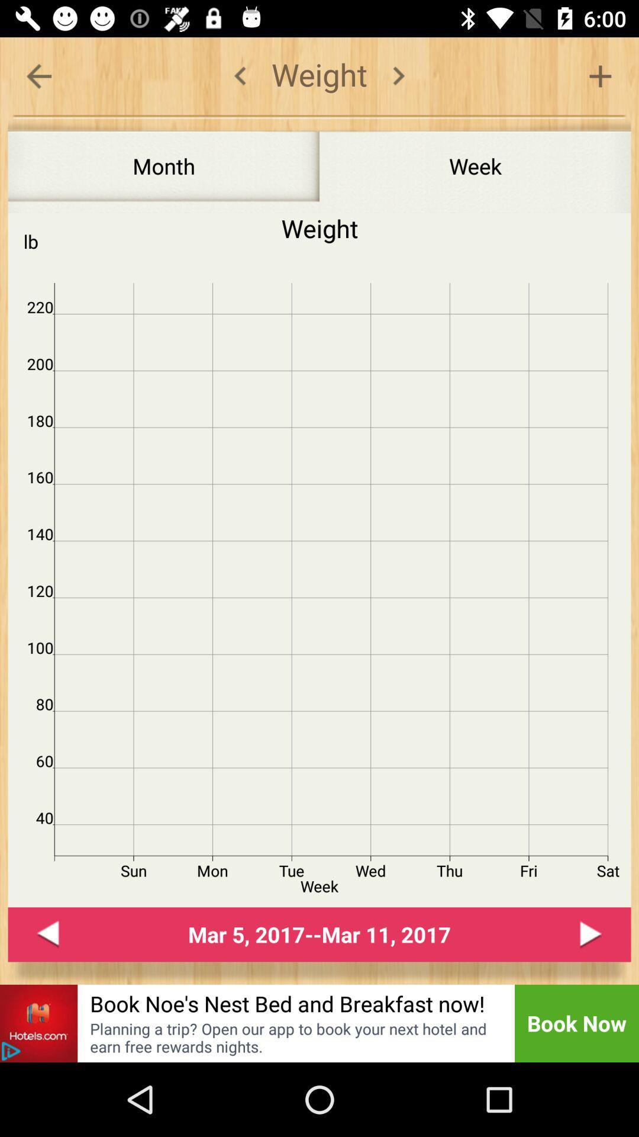 This screenshot has width=639, height=1137. Describe the element at coordinates (398, 75) in the screenshot. I see `change other category` at that location.